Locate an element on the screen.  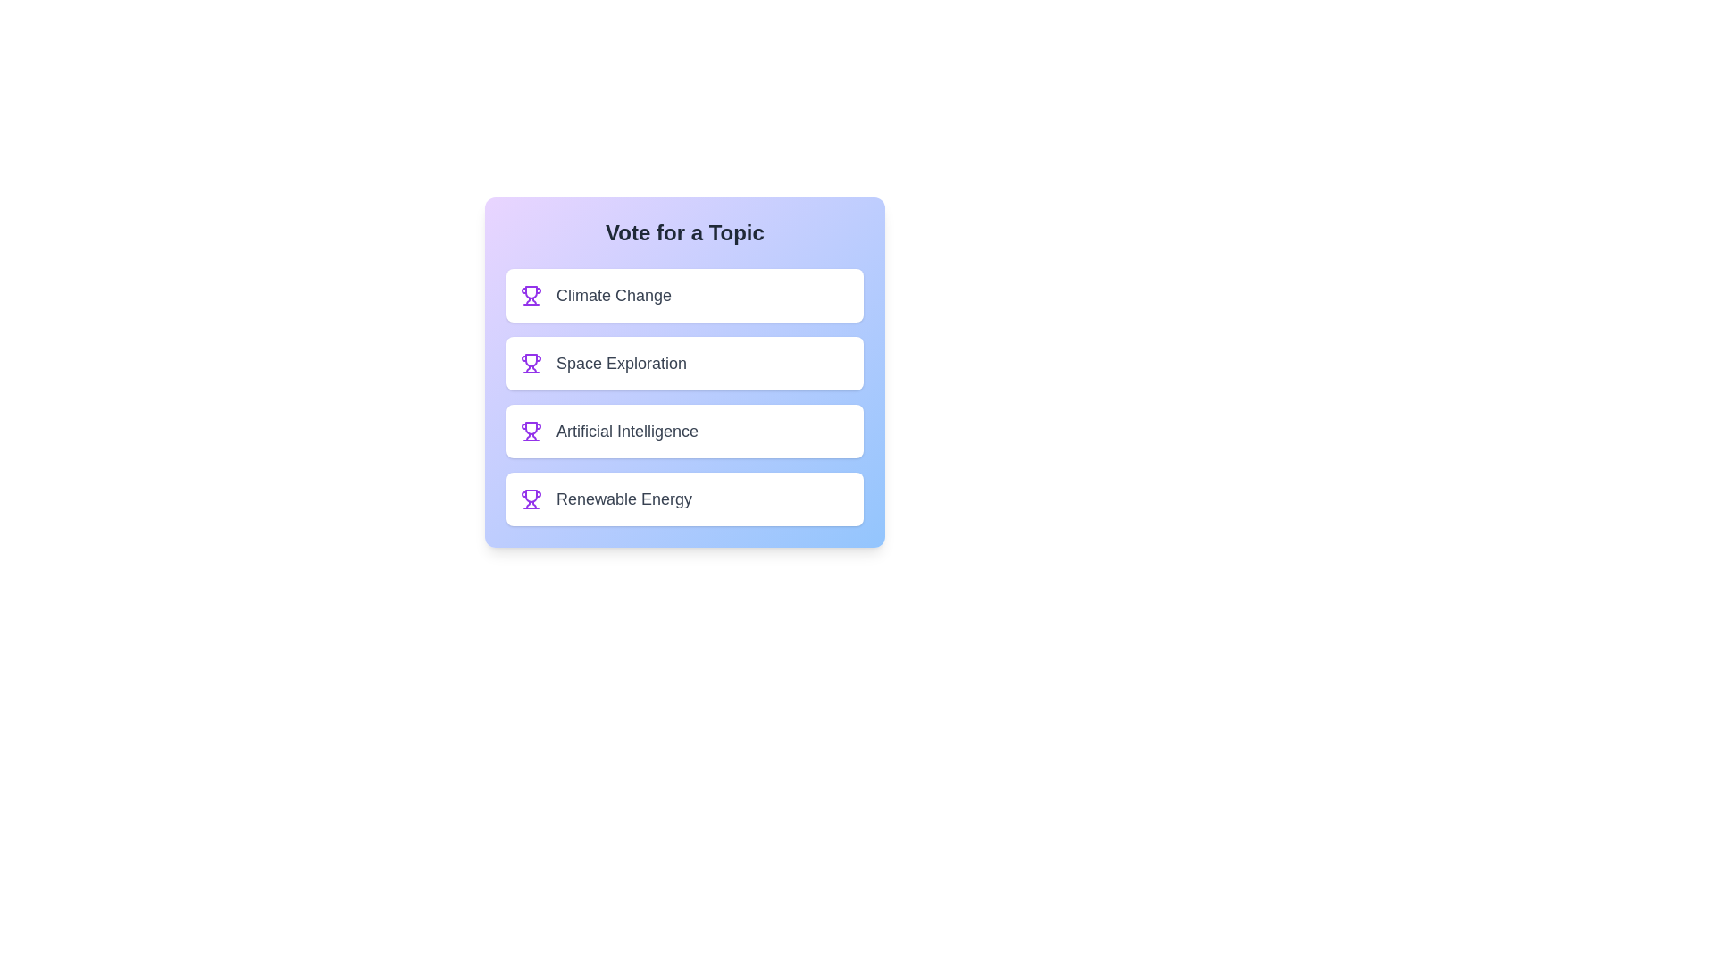
the rectangular button with a white background, rounded corners, and a purple trophy icon on the left, labeled 'Renewable Energy' is located at coordinates (684, 499).